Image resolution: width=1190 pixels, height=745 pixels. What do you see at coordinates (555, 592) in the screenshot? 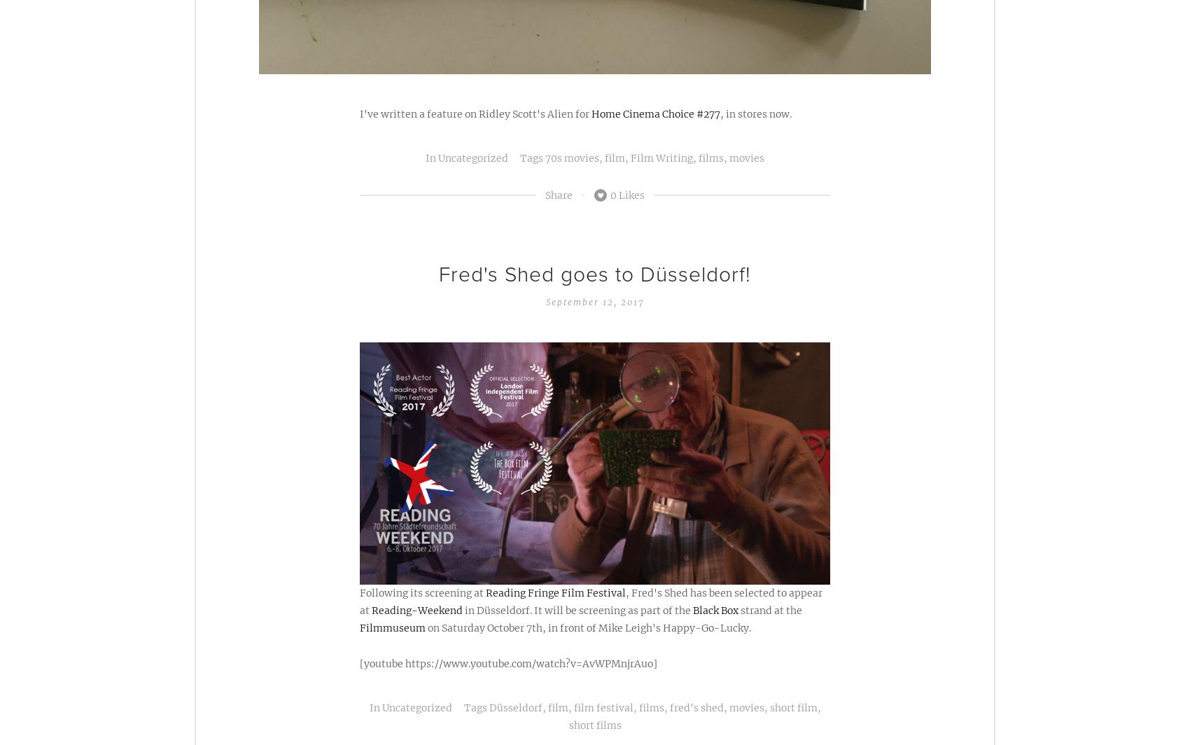
I see `'Reading Fringe Film Festival'` at bounding box center [555, 592].